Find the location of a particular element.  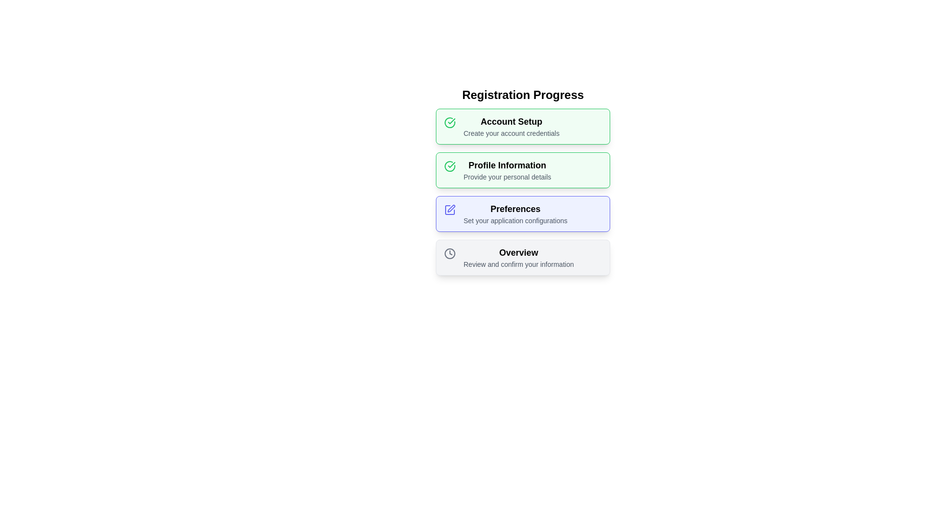

the static text label displaying 'Provide your personal details' located below the 'Profile Information' heading is located at coordinates (507, 177).